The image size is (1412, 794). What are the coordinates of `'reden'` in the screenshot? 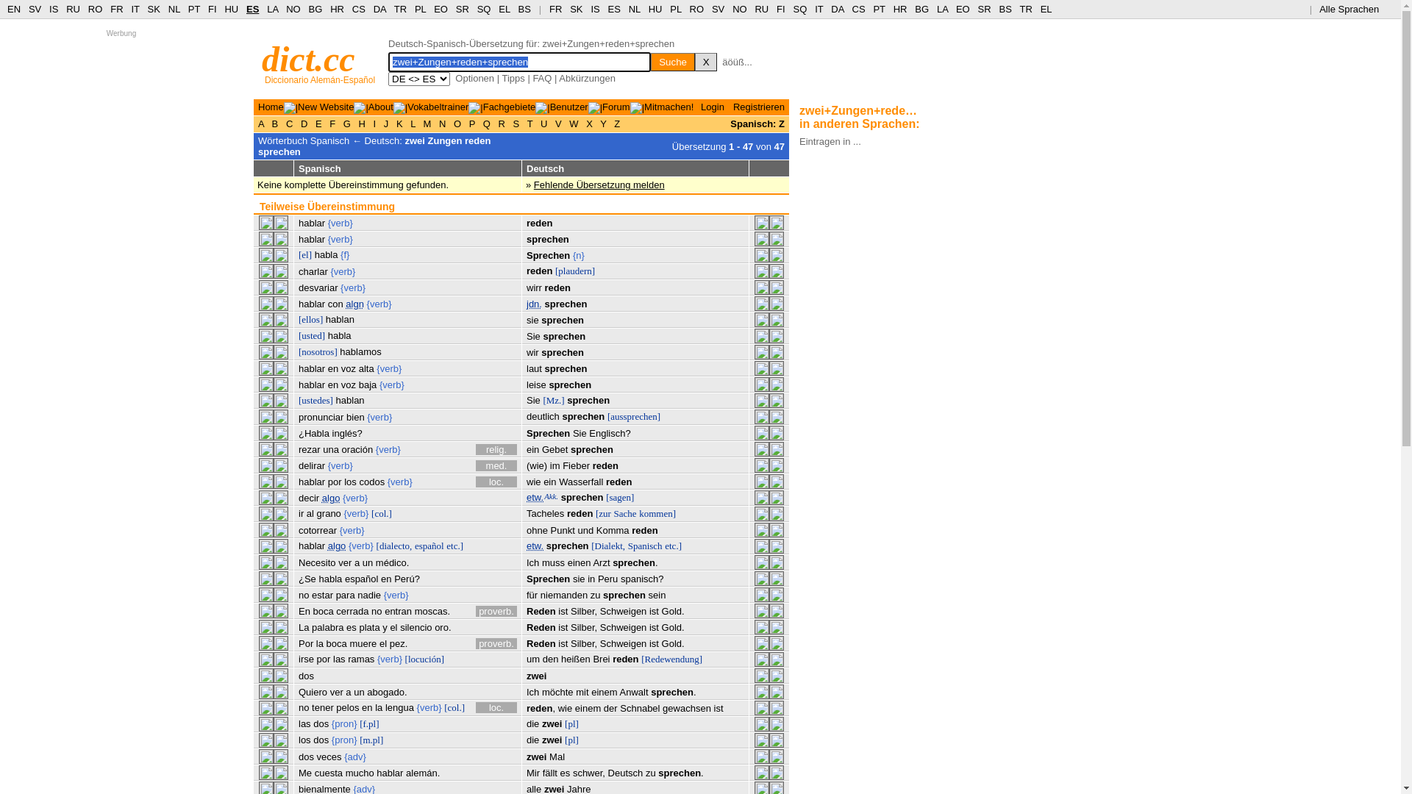 It's located at (618, 482).